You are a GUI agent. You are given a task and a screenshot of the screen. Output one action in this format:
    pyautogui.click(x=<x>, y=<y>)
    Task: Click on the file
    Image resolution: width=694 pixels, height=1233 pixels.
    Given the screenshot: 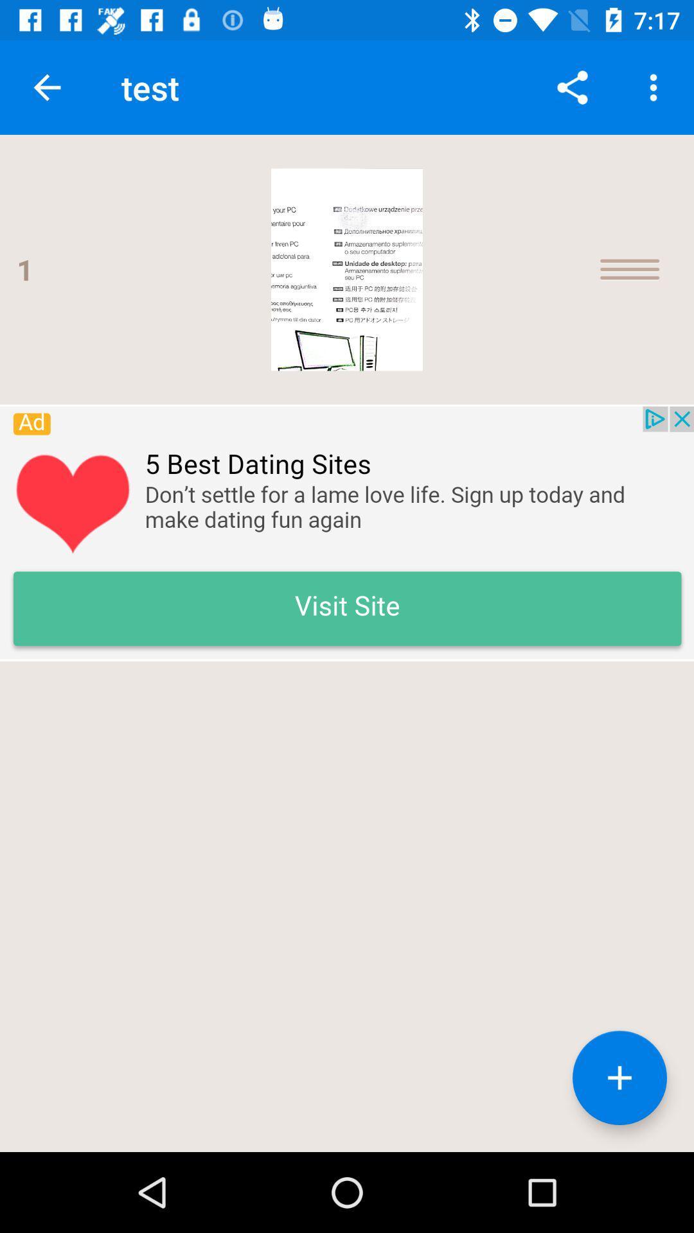 What is the action you would take?
    pyautogui.click(x=619, y=1078)
    